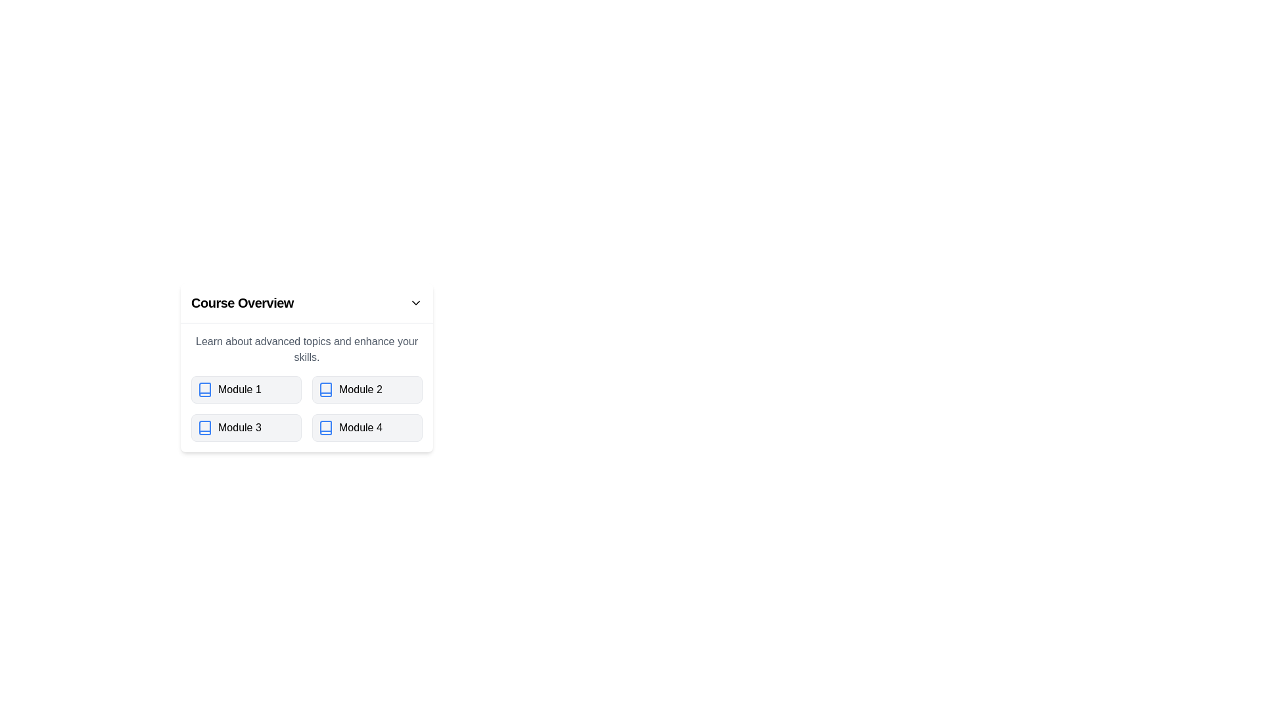 This screenshot has height=710, width=1262. Describe the element at coordinates (325, 428) in the screenshot. I see `the 'Module 4' icon located at the top-right corner of the 'Course Overview' section for additional options` at that location.